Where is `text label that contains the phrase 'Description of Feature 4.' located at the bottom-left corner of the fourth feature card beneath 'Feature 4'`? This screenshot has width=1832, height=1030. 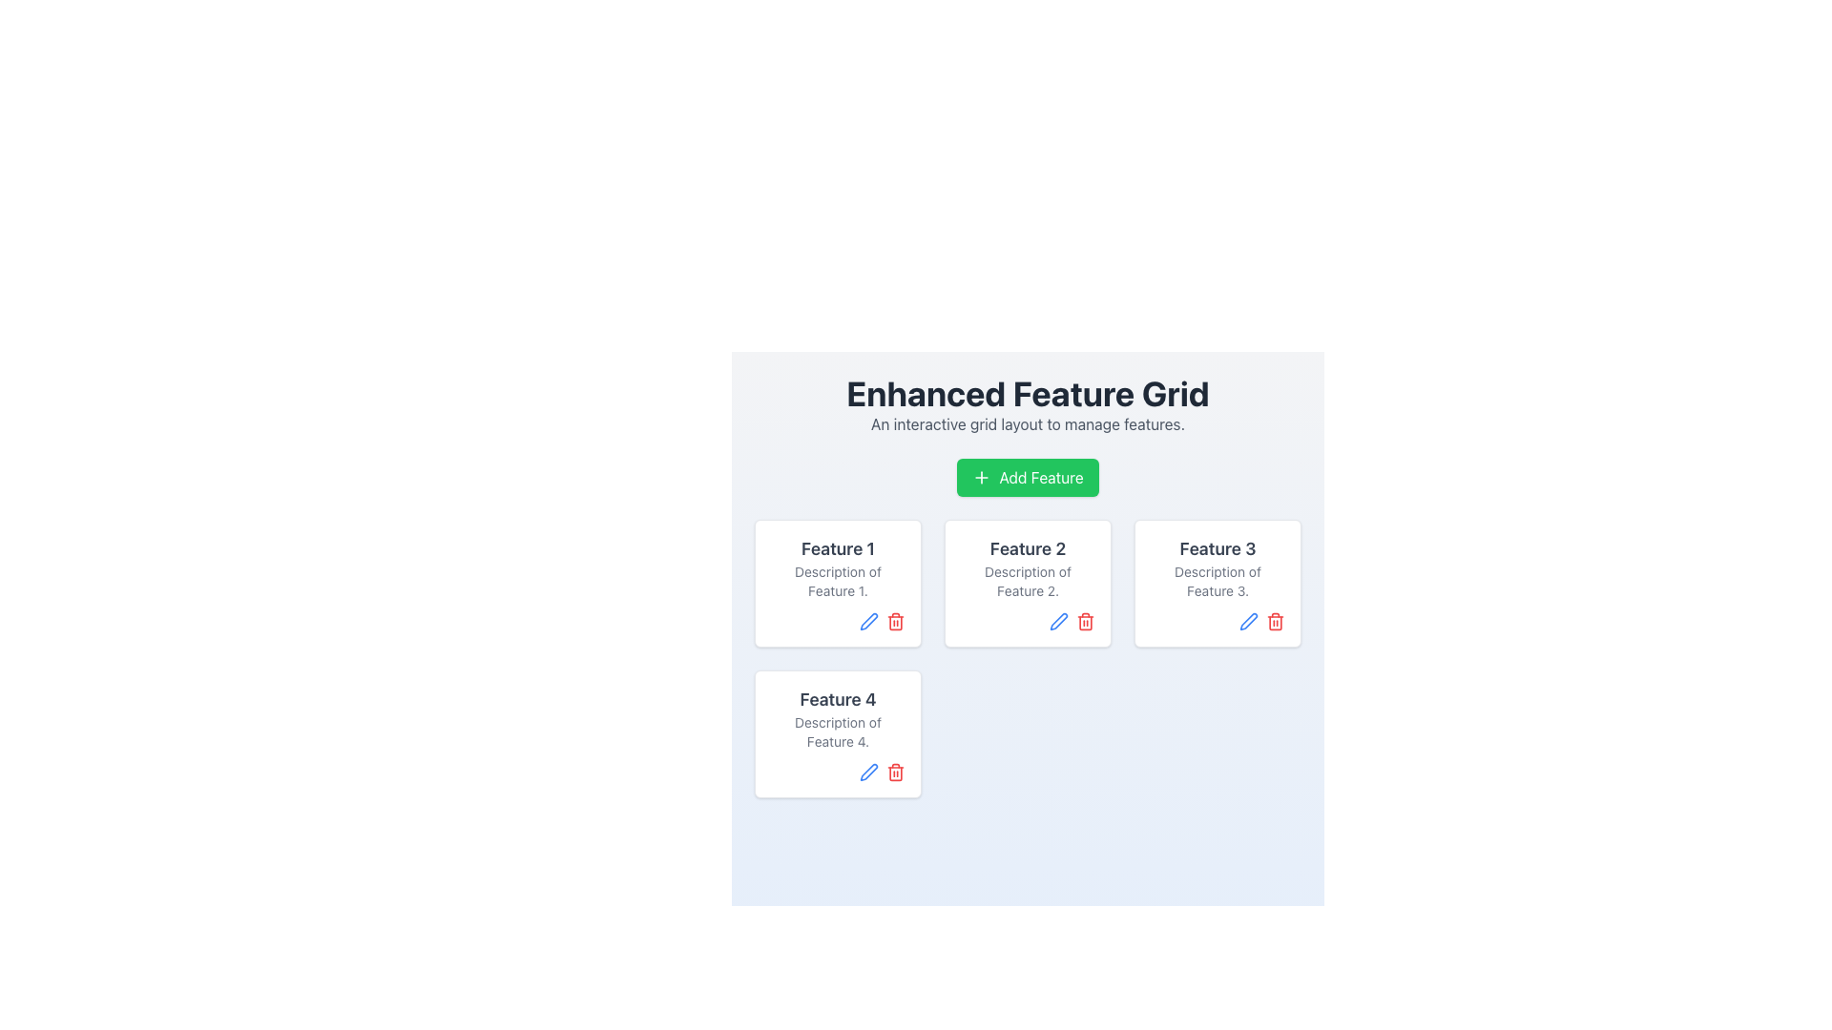
text label that contains the phrase 'Description of Feature 4.' located at the bottom-left corner of the fourth feature card beneath 'Feature 4' is located at coordinates (838, 731).